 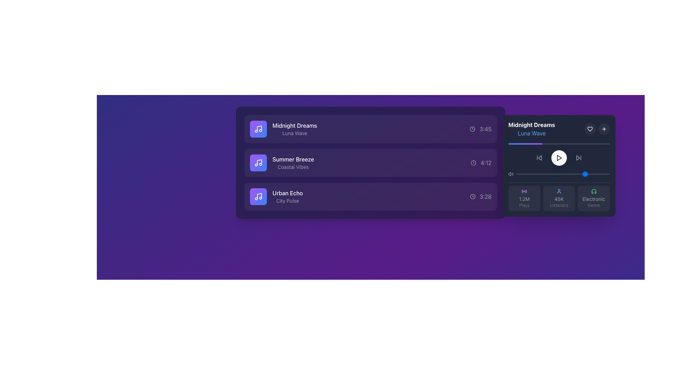 I want to click on the Label with Icon that indicates the duration of the middle music track titled 'Summer Breeze', so click(x=481, y=163).